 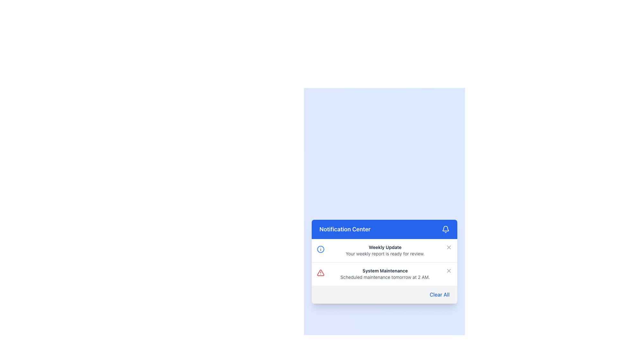 I want to click on the dismiss icon located to the right of the 'Weekly Update' text, so click(x=448, y=247).